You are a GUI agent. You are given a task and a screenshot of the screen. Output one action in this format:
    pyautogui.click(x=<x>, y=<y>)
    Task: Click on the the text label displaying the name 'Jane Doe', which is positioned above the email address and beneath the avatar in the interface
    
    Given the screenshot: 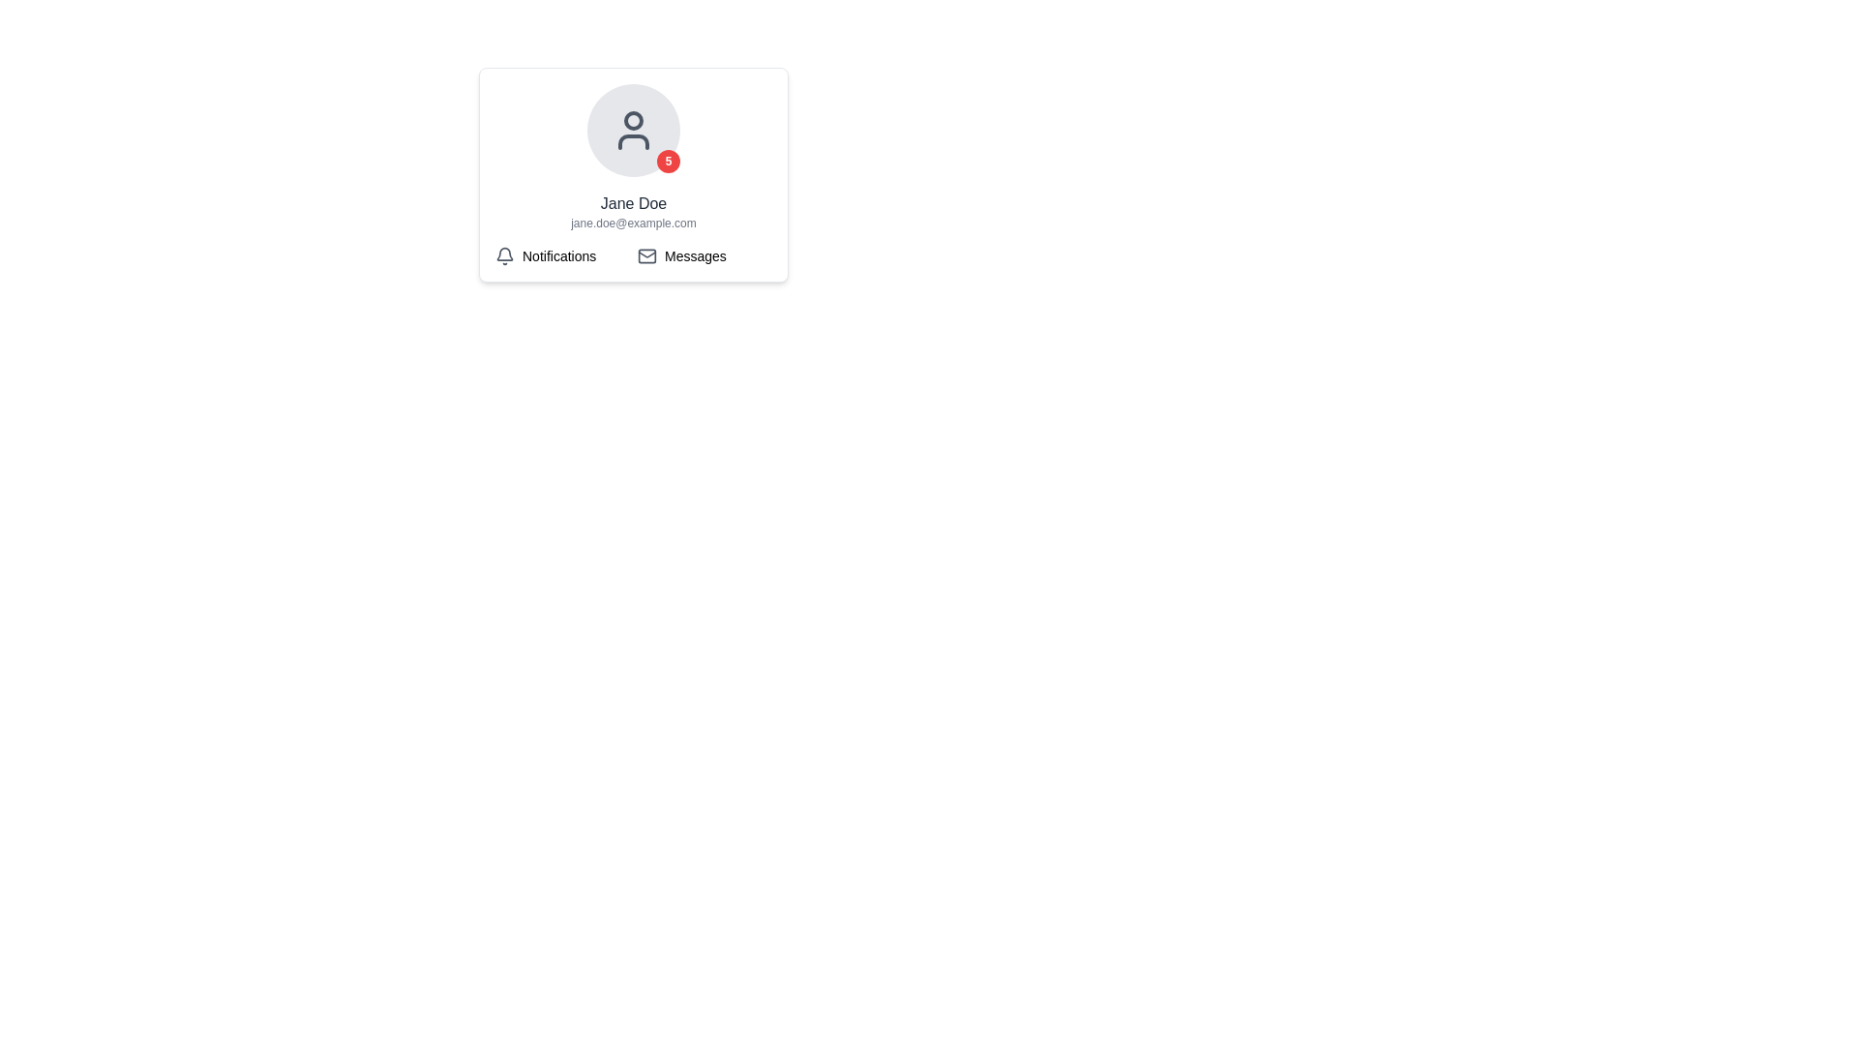 What is the action you would take?
    pyautogui.click(x=633, y=204)
    